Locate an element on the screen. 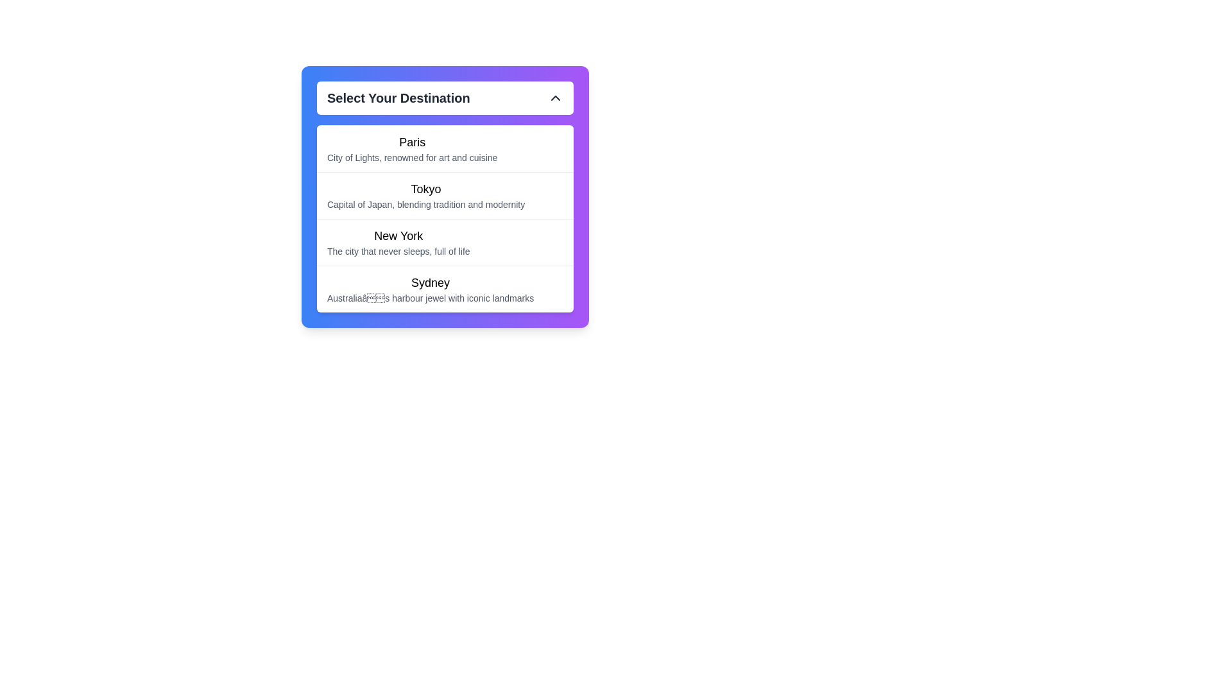 Image resolution: width=1232 pixels, height=693 pixels. the list item labeled 'Sydney' is located at coordinates (445, 289).